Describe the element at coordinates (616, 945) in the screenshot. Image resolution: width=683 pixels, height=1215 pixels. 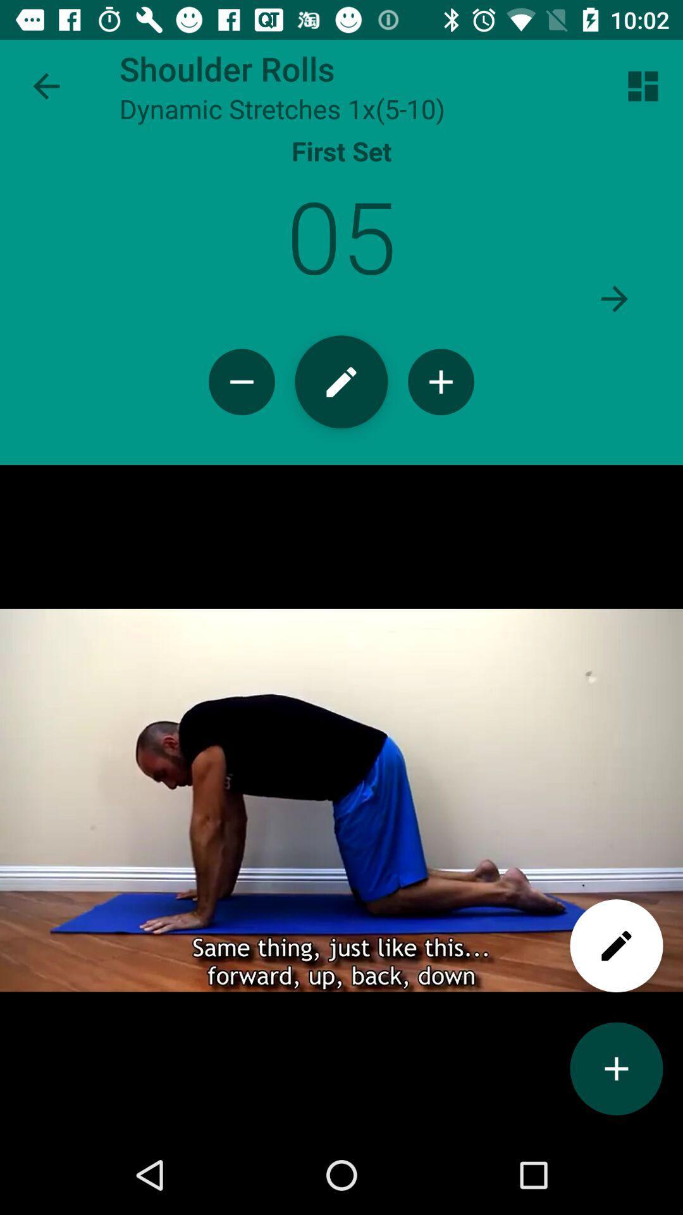
I see `find` at that location.